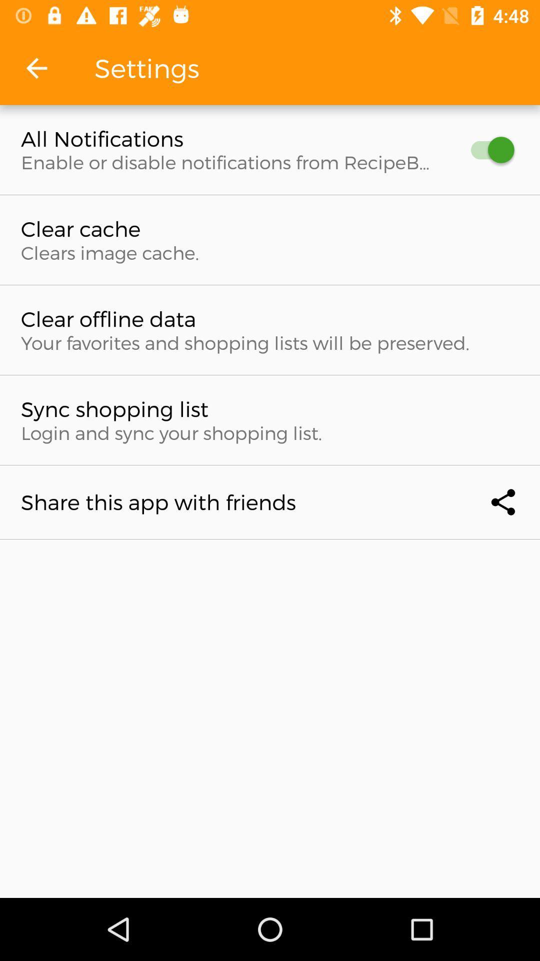 Image resolution: width=540 pixels, height=961 pixels. Describe the element at coordinates (487, 149) in the screenshot. I see `item next to the all notifications item` at that location.